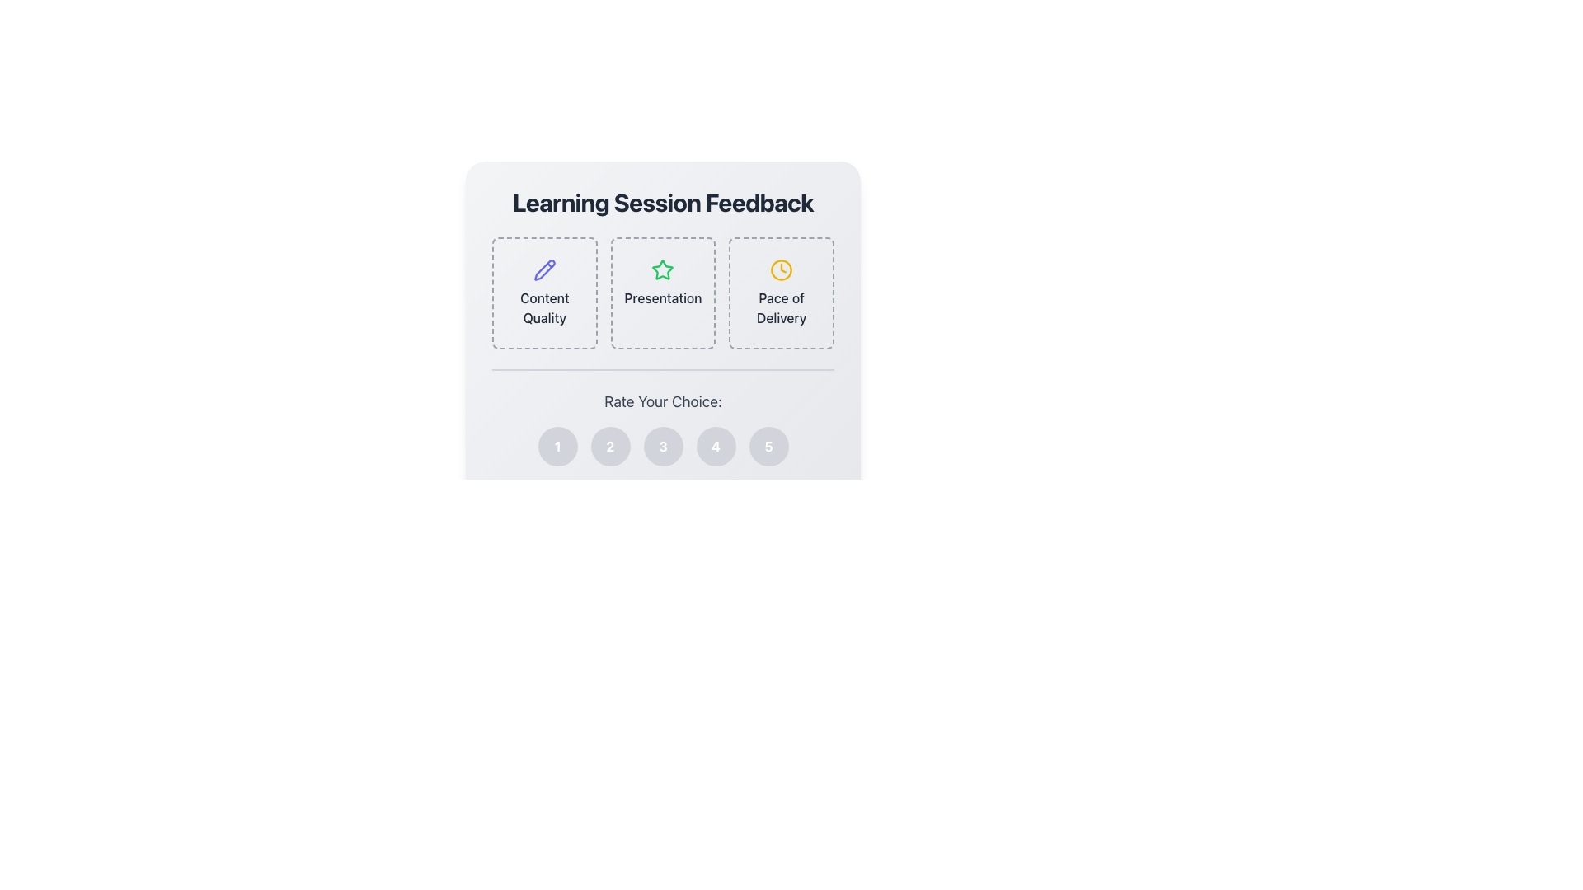 This screenshot has width=1583, height=890. Describe the element at coordinates (768, 447) in the screenshot. I see `the circular button with a light gray background and a bold white number '5'` at that location.